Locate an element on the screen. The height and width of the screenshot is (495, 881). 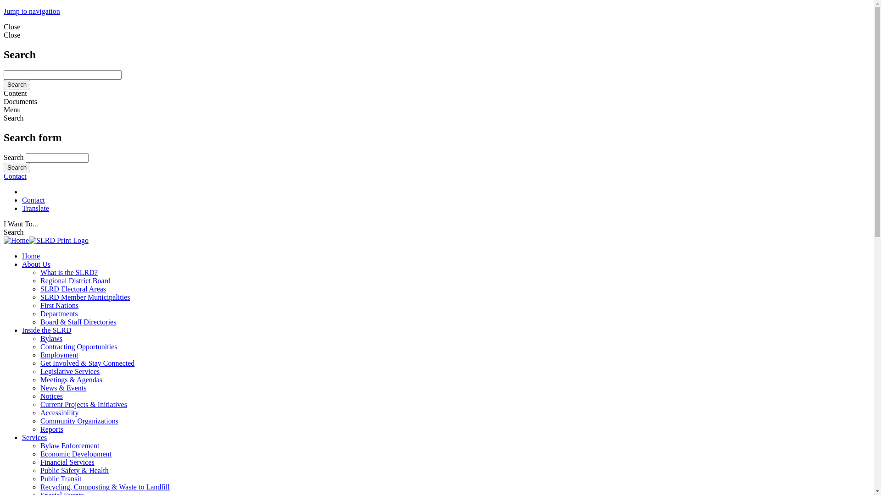
'Employment' is located at coordinates (59, 354).